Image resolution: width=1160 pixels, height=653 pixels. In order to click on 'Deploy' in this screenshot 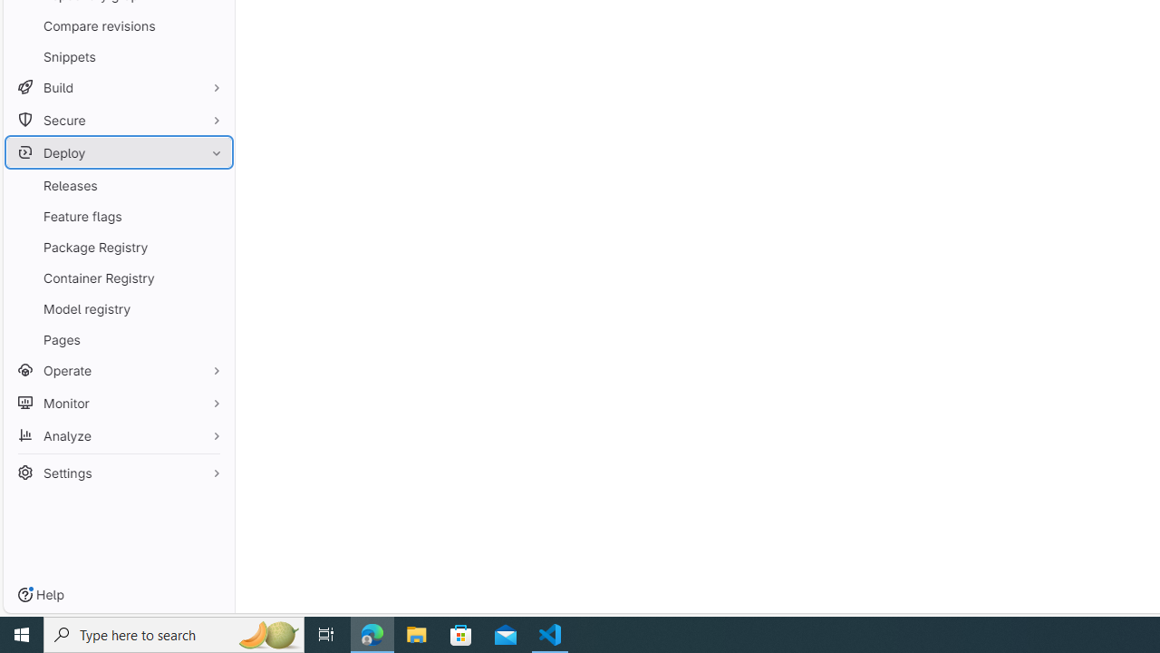, I will do `click(118, 151)`.